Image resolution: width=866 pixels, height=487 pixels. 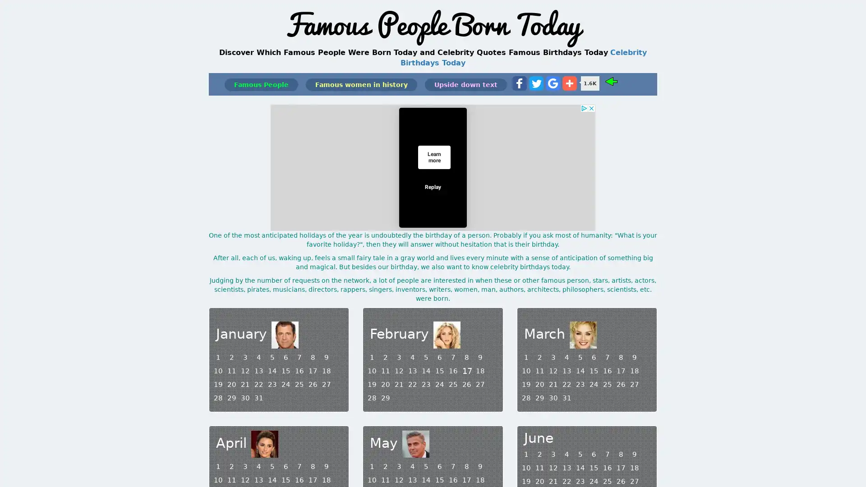 I want to click on Share to Facebook, so click(x=520, y=83).